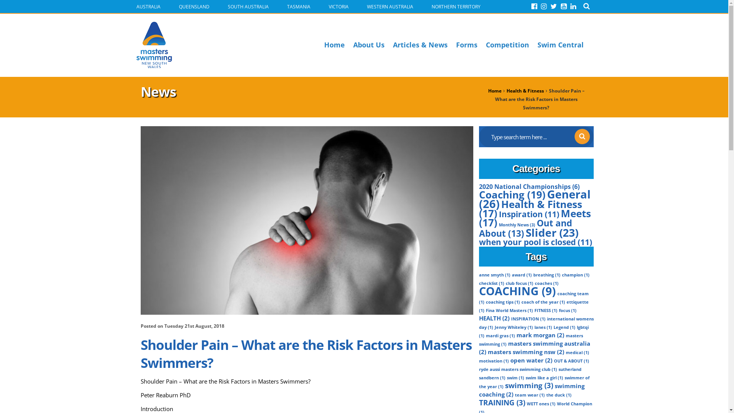 Image resolution: width=734 pixels, height=413 pixels. Describe the element at coordinates (525, 228) in the screenshot. I see `'Out and About (13)'` at that location.